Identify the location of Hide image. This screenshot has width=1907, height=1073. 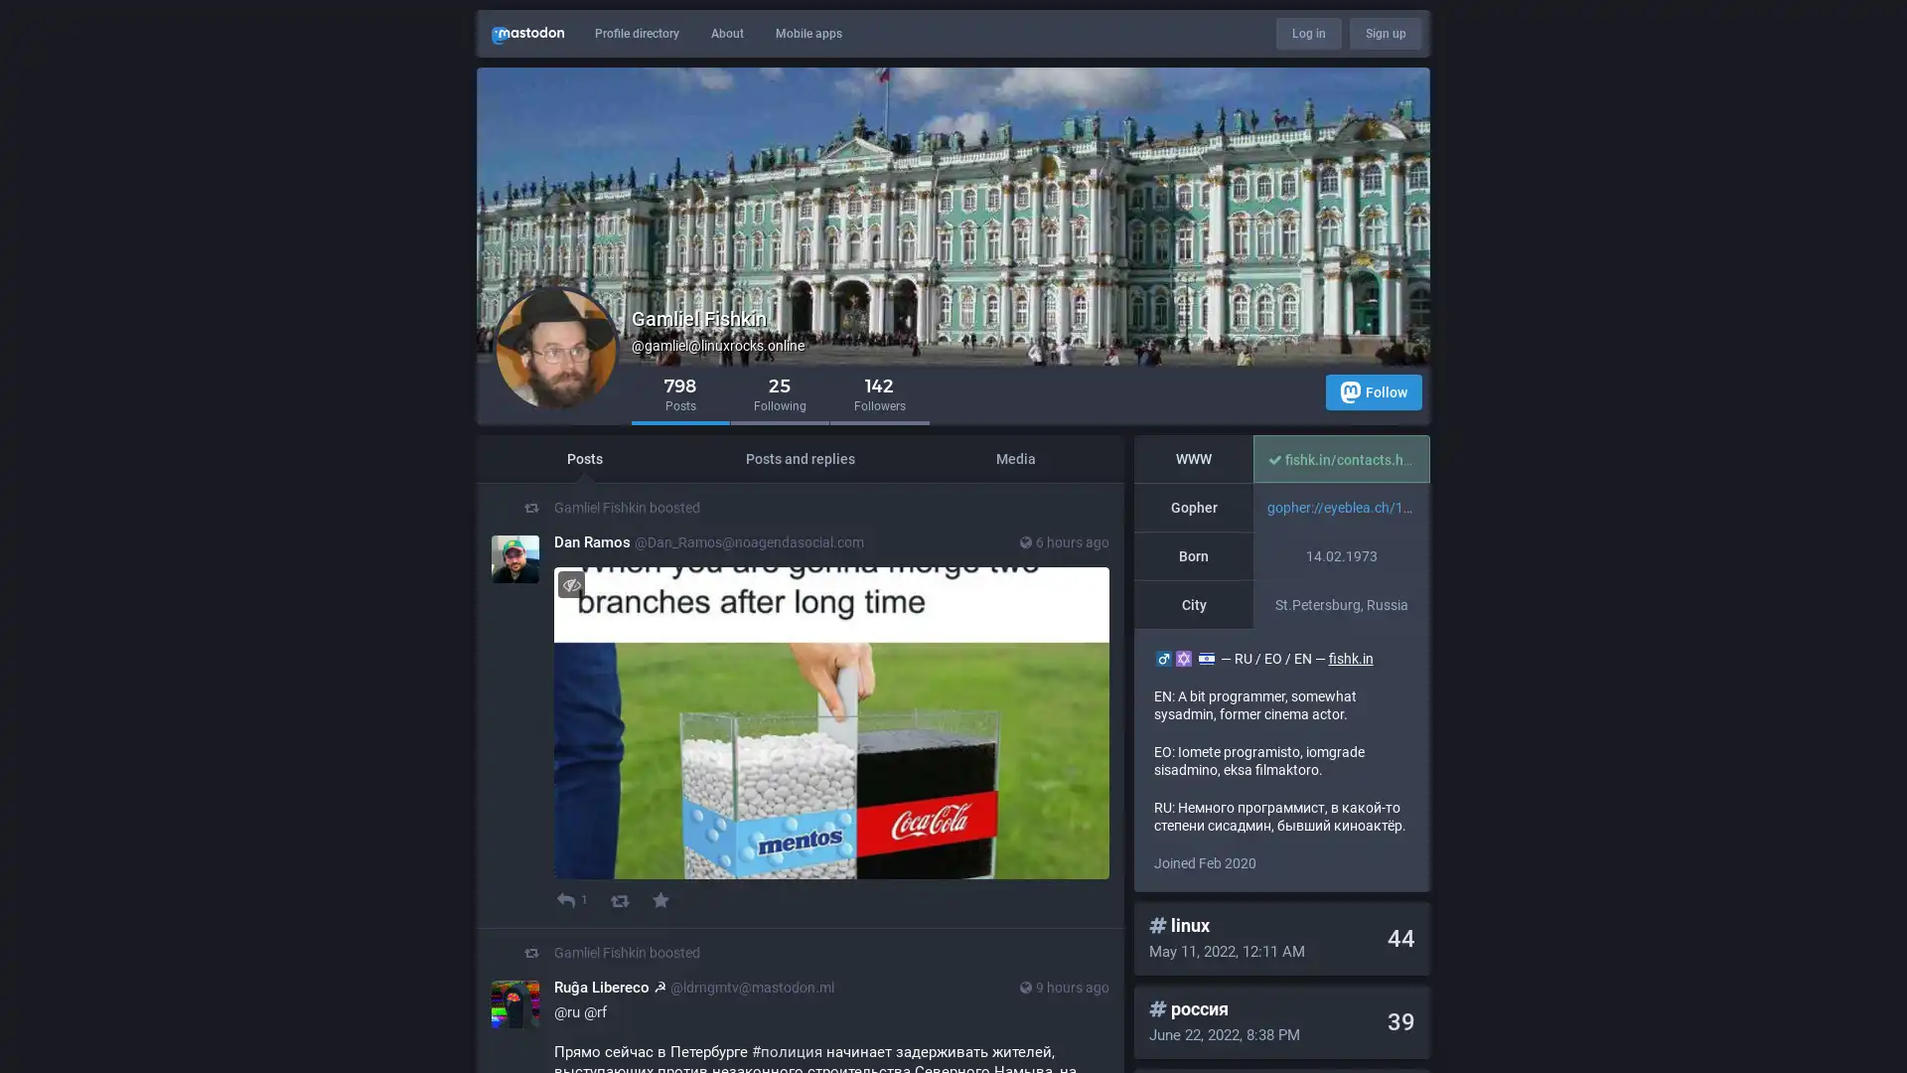
(570, 583).